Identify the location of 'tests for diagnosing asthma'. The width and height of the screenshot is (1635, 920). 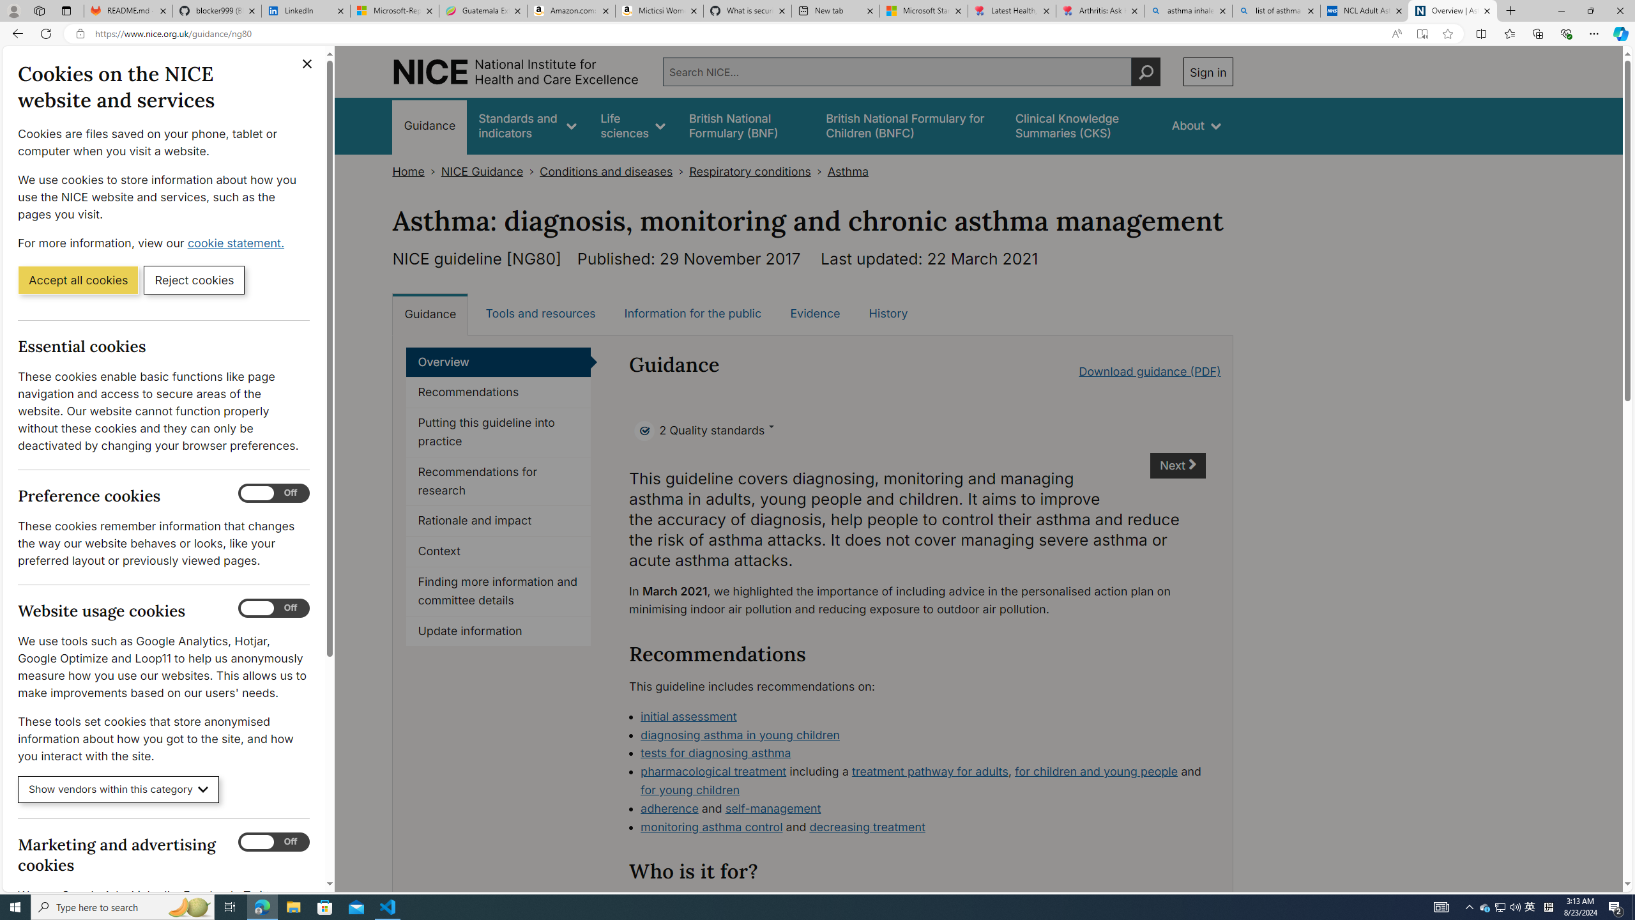
(716, 752).